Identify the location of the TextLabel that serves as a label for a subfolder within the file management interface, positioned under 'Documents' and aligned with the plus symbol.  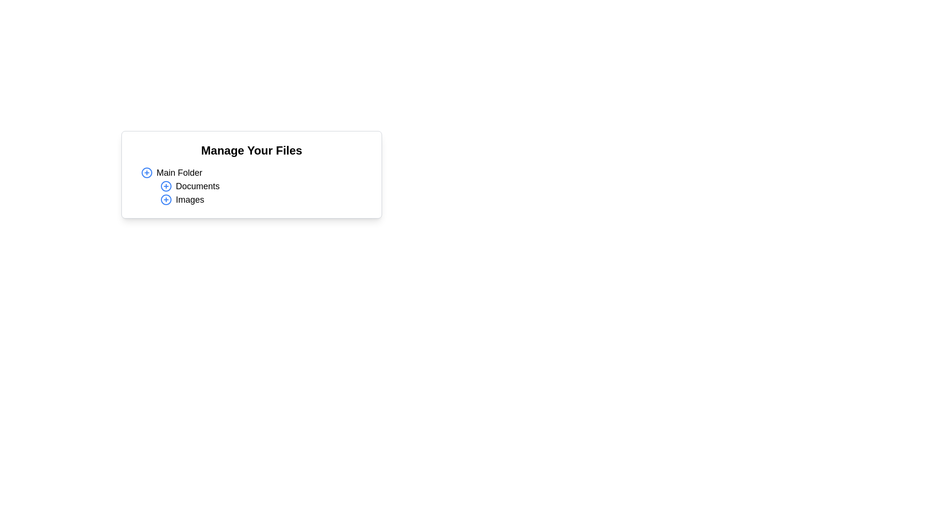
(190, 199).